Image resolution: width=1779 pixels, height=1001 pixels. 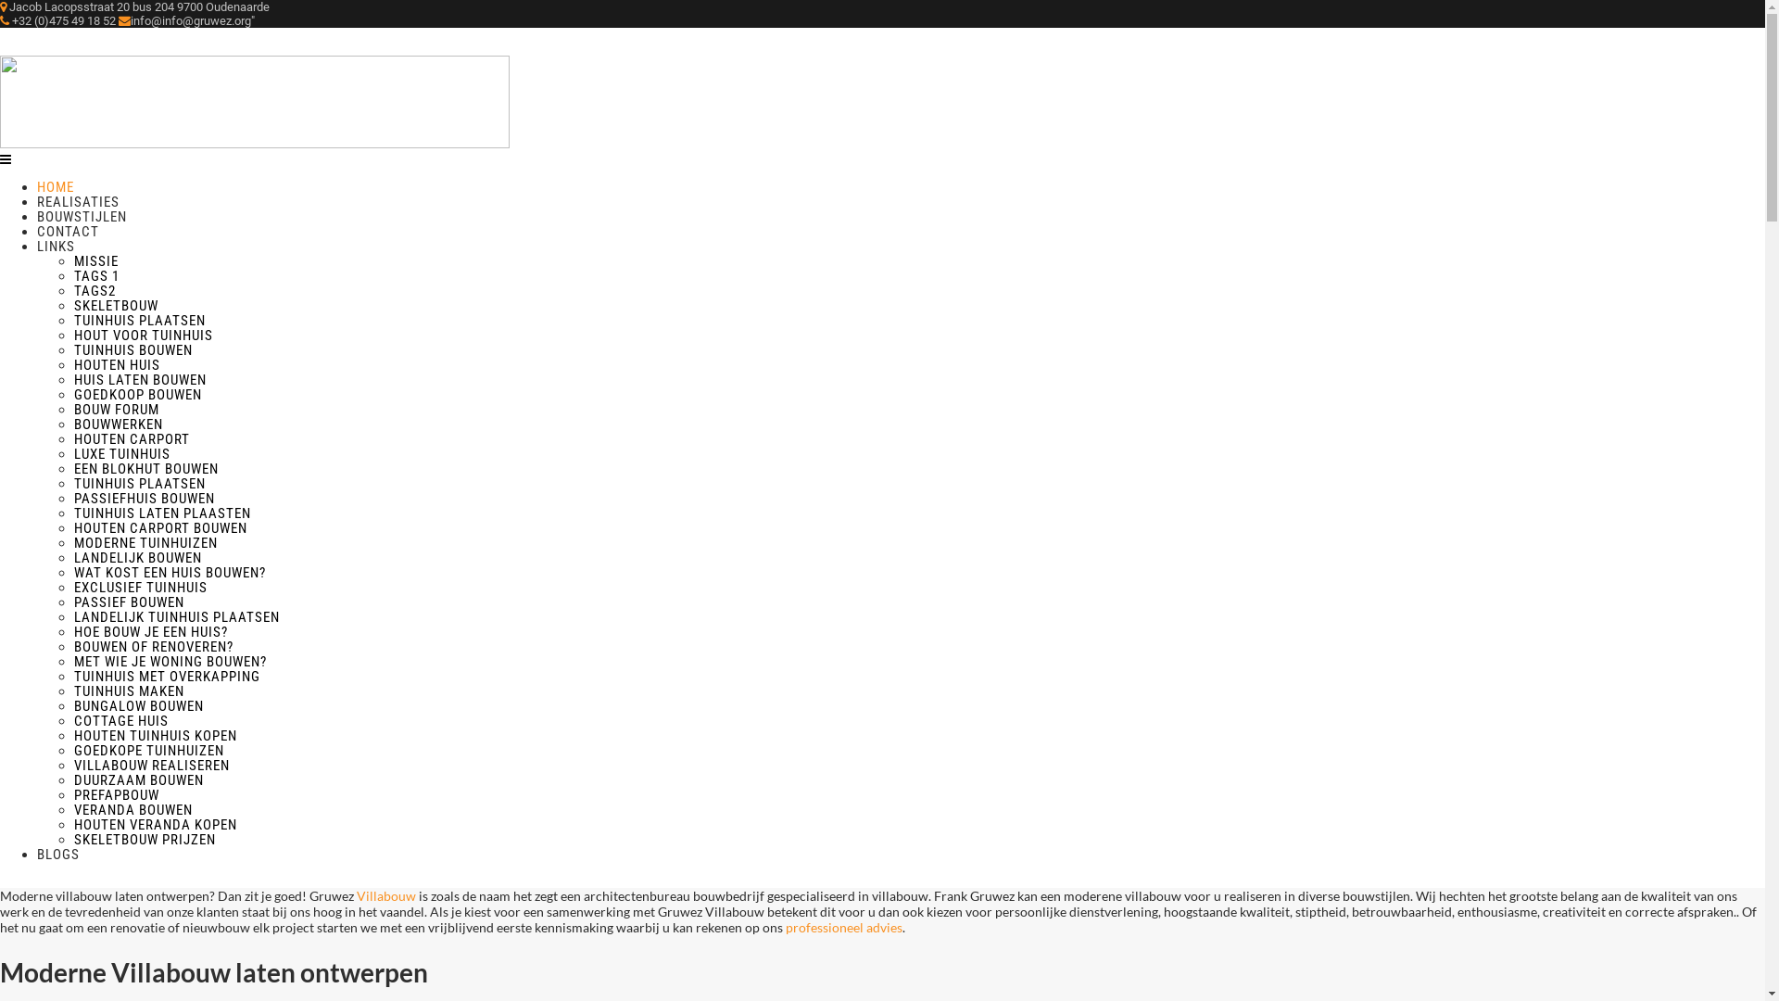 What do you see at coordinates (77, 202) in the screenshot?
I see `'REALISATIES'` at bounding box center [77, 202].